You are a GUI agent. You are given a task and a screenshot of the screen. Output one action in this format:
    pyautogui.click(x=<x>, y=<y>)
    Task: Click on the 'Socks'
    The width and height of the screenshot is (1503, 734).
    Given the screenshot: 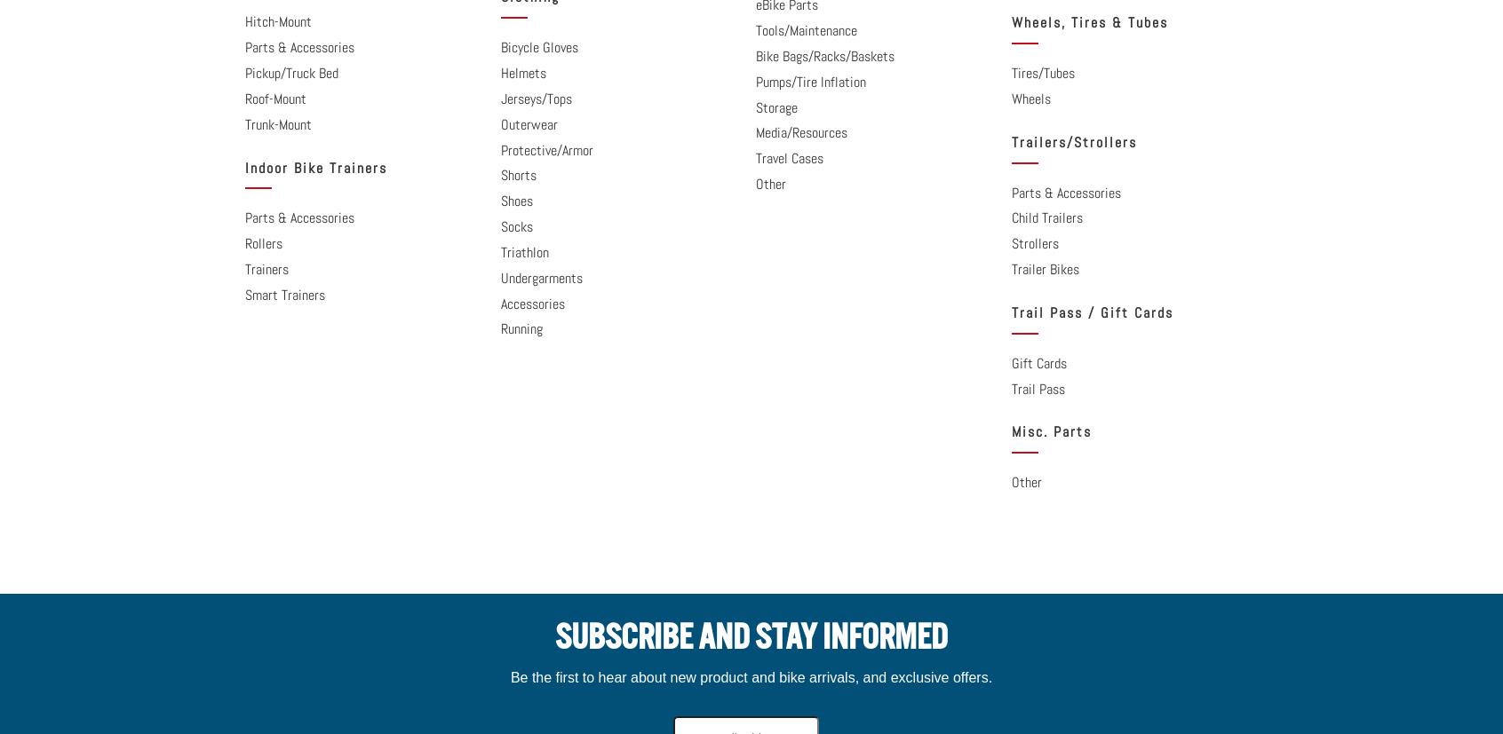 What is the action you would take?
    pyautogui.click(x=515, y=226)
    